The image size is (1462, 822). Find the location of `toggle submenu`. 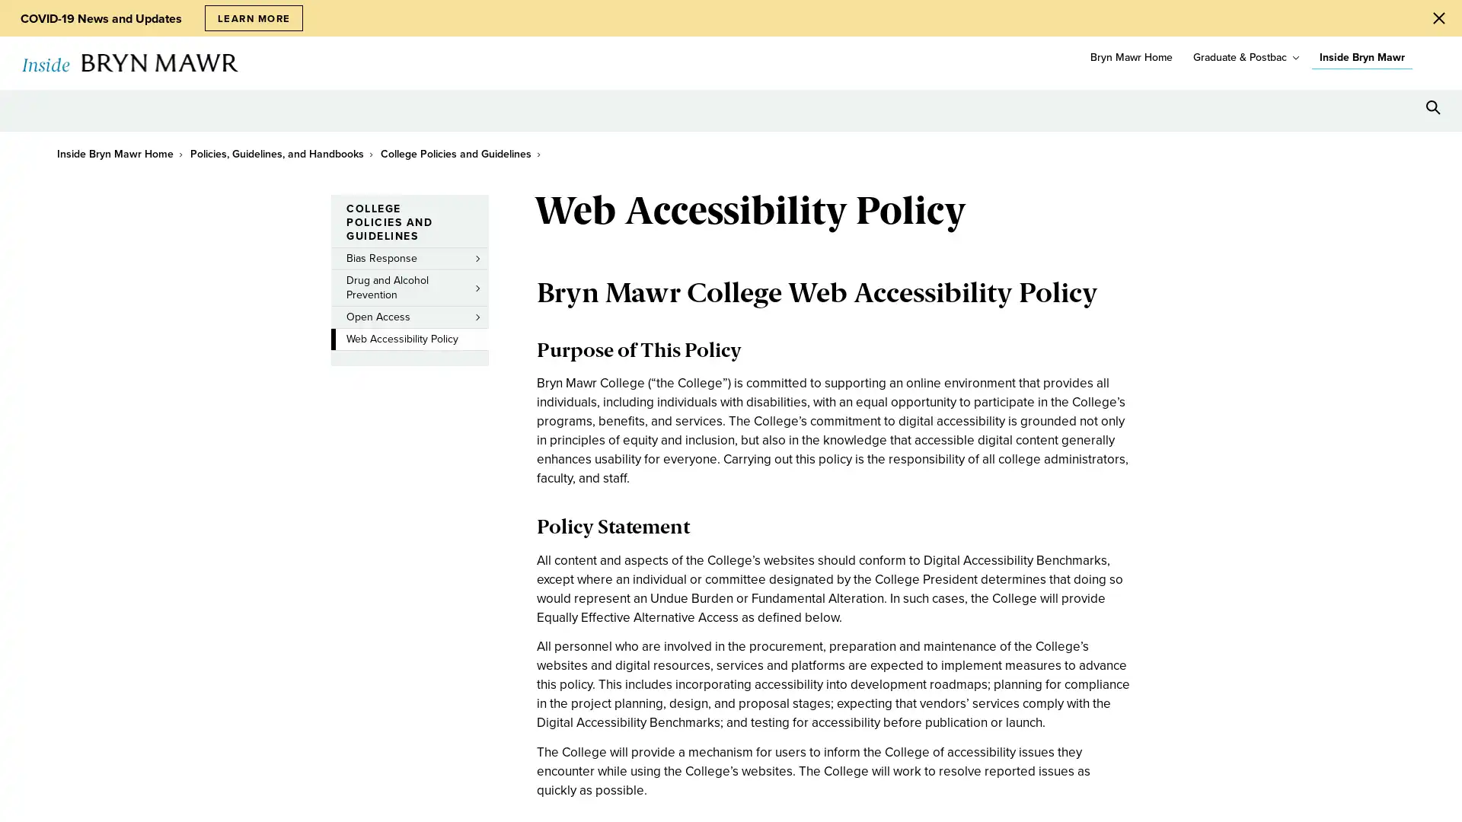

toggle submenu is located at coordinates (333, 99).